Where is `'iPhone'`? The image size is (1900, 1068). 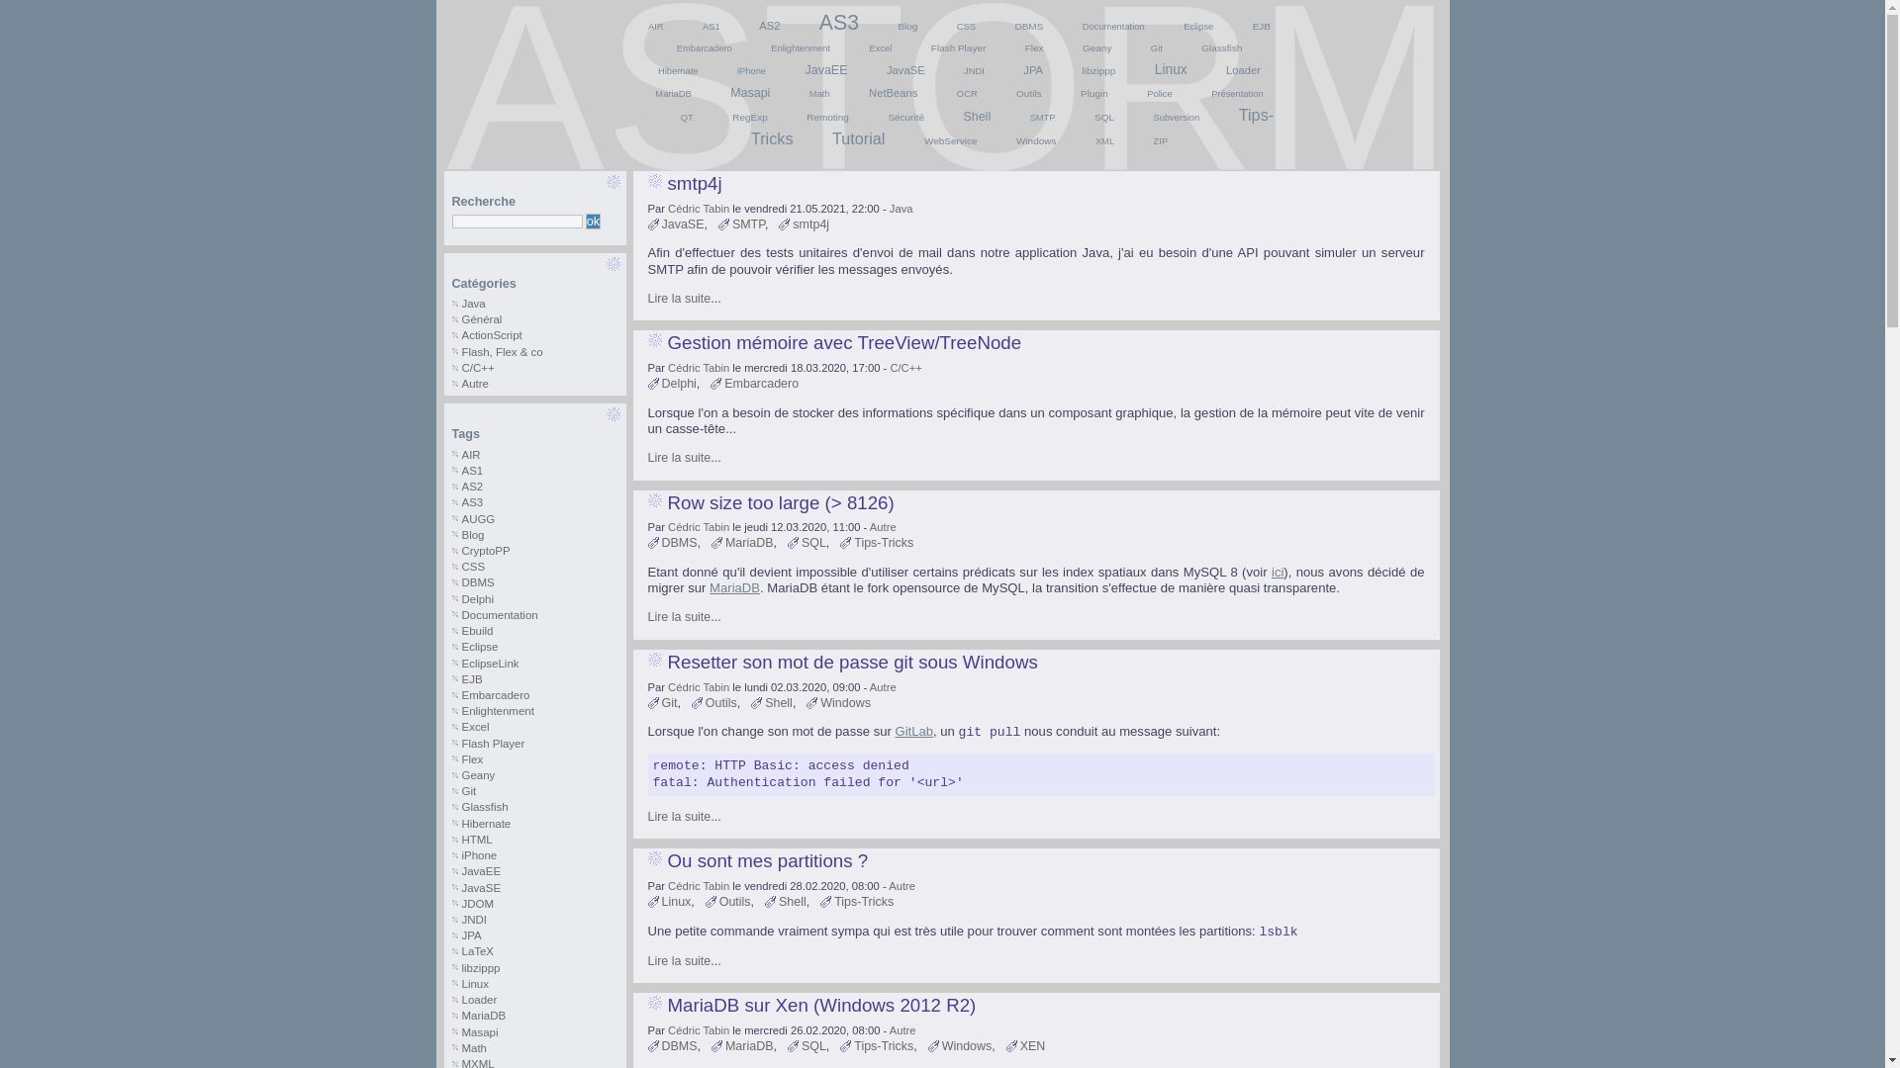
'iPhone' is located at coordinates (750, 70).